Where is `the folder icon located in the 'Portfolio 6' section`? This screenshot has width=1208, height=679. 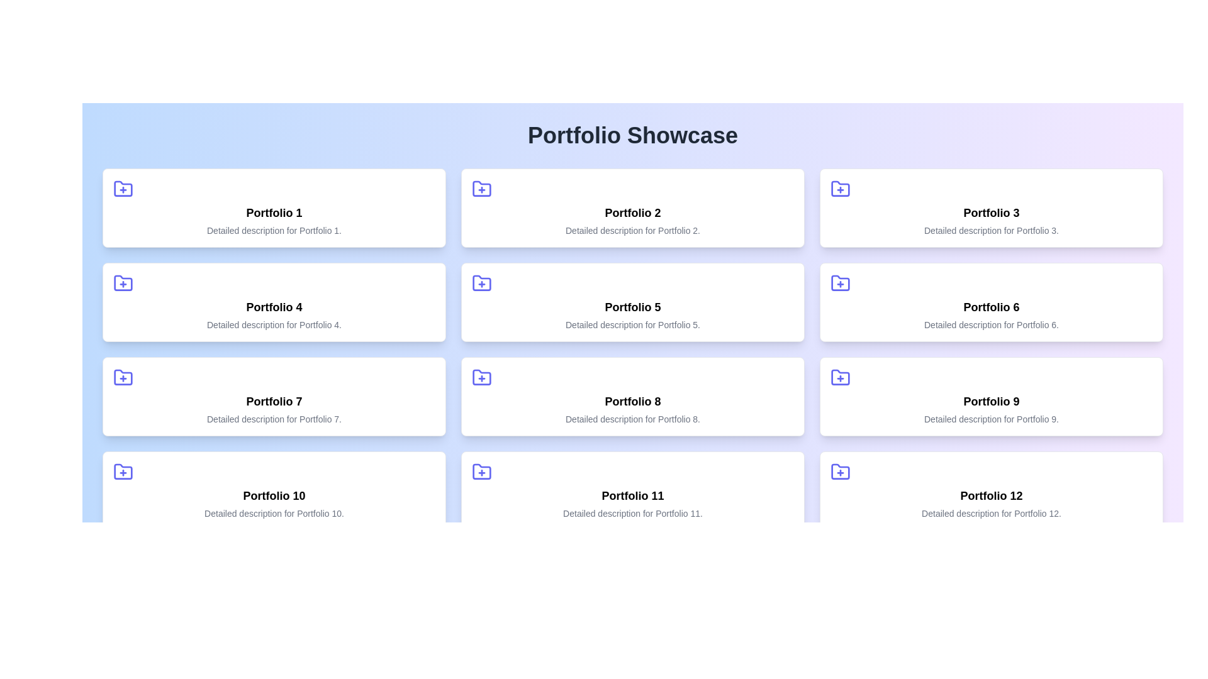
the folder icon located in the 'Portfolio 6' section is located at coordinates (840, 283).